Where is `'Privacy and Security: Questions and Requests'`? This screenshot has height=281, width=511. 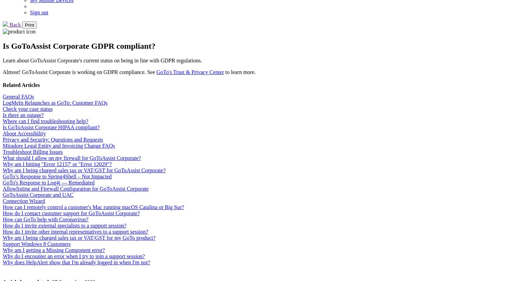 'Privacy and Security: Questions and Requests' is located at coordinates (52, 139).